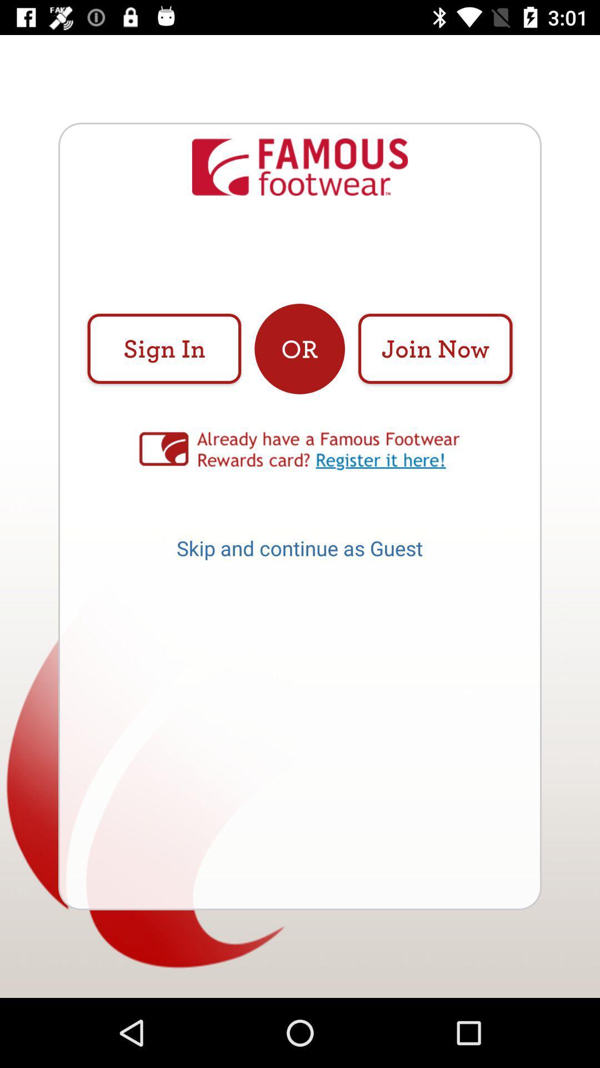 The height and width of the screenshot is (1068, 600). Describe the element at coordinates (299, 552) in the screenshot. I see `skip and continue` at that location.